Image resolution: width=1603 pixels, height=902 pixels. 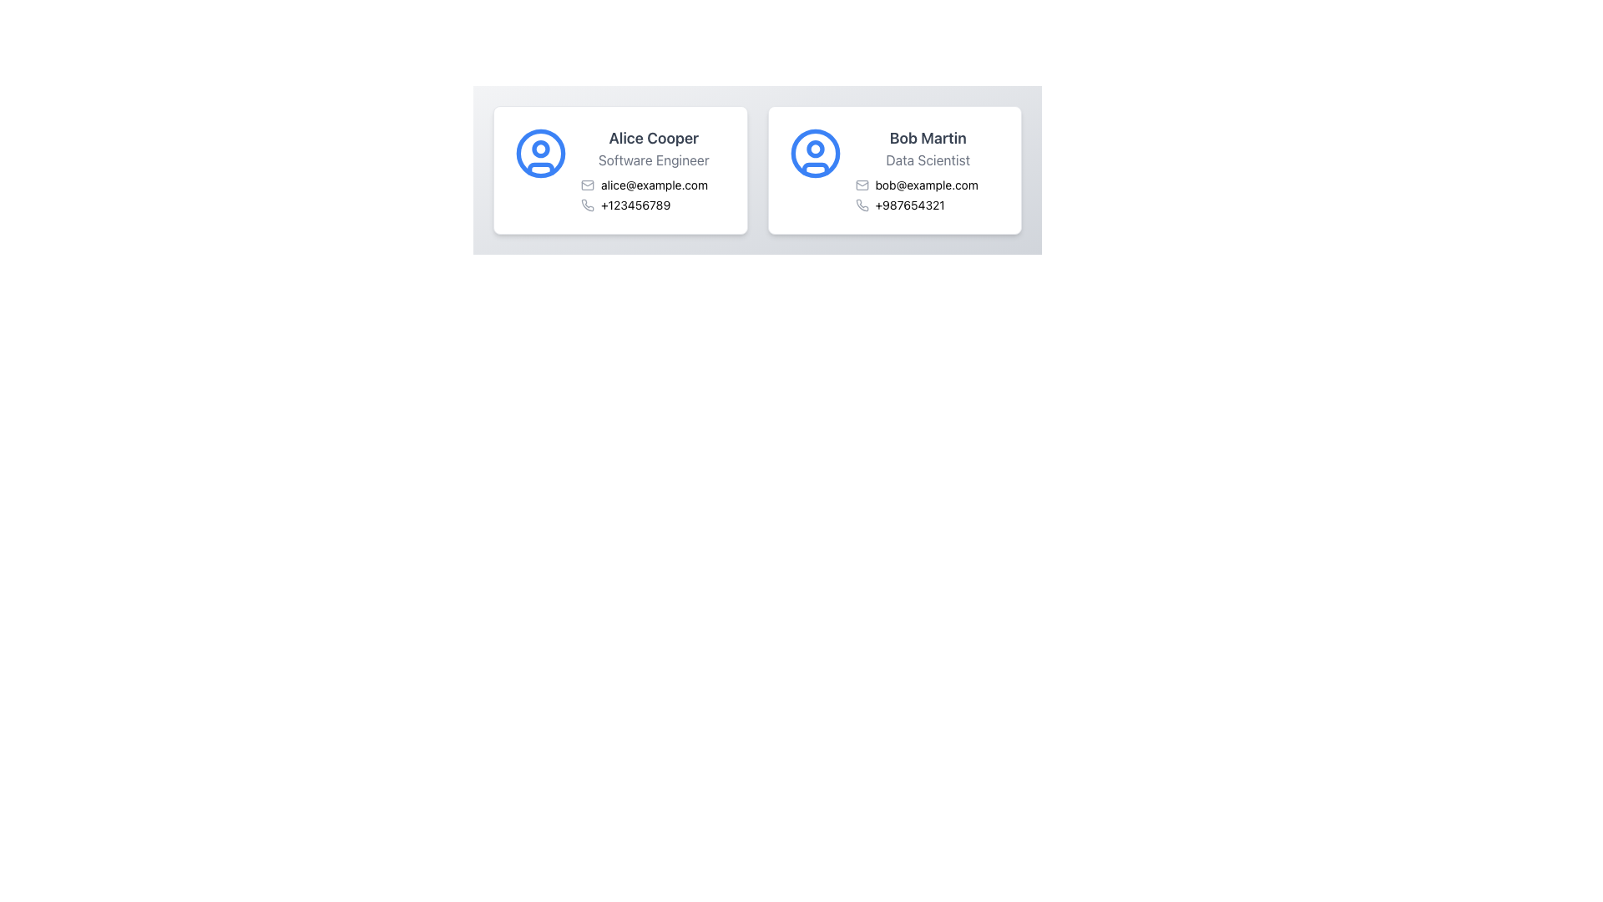 What do you see at coordinates (588, 185) in the screenshot?
I see `the email icon in Alice Cooper's contact card, which visually indicates the email field associated with 'alice@example.com'` at bounding box center [588, 185].